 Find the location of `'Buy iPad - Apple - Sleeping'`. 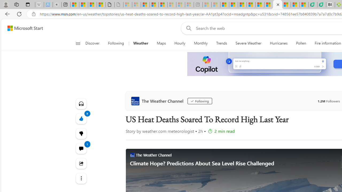

'Buy iPad - Apple - Sleeping' is located at coordinates (57, 5).